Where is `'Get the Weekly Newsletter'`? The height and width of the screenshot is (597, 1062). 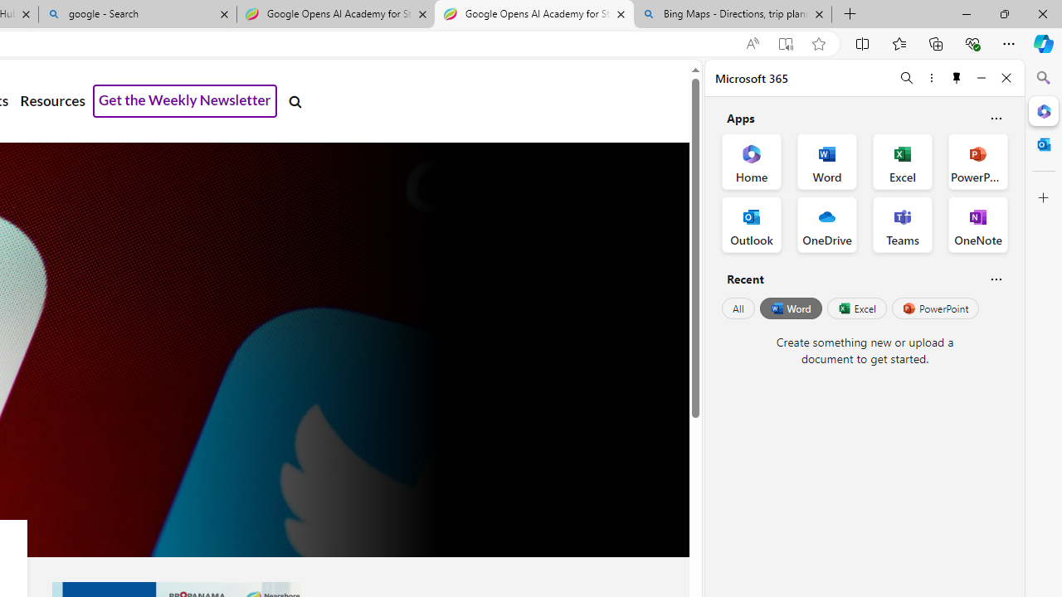 'Get the Weekly Newsletter' is located at coordinates (185, 101).